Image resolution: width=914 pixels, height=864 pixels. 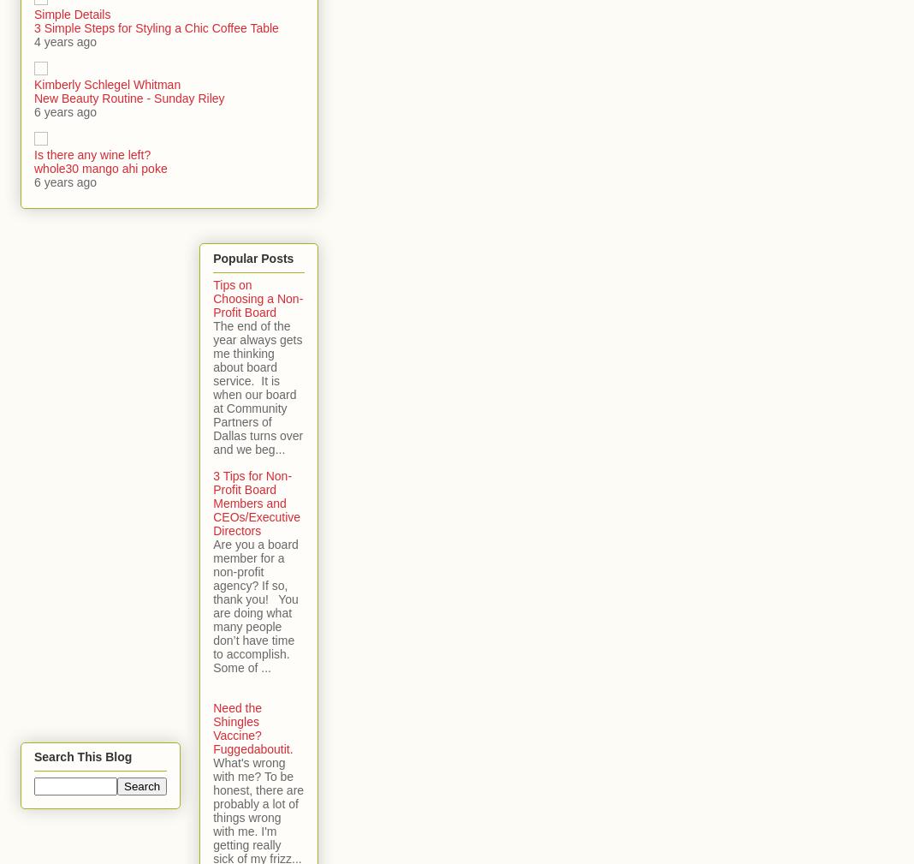 I want to click on 'Tips on Choosing a Non-Profit Board', so click(x=212, y=297).